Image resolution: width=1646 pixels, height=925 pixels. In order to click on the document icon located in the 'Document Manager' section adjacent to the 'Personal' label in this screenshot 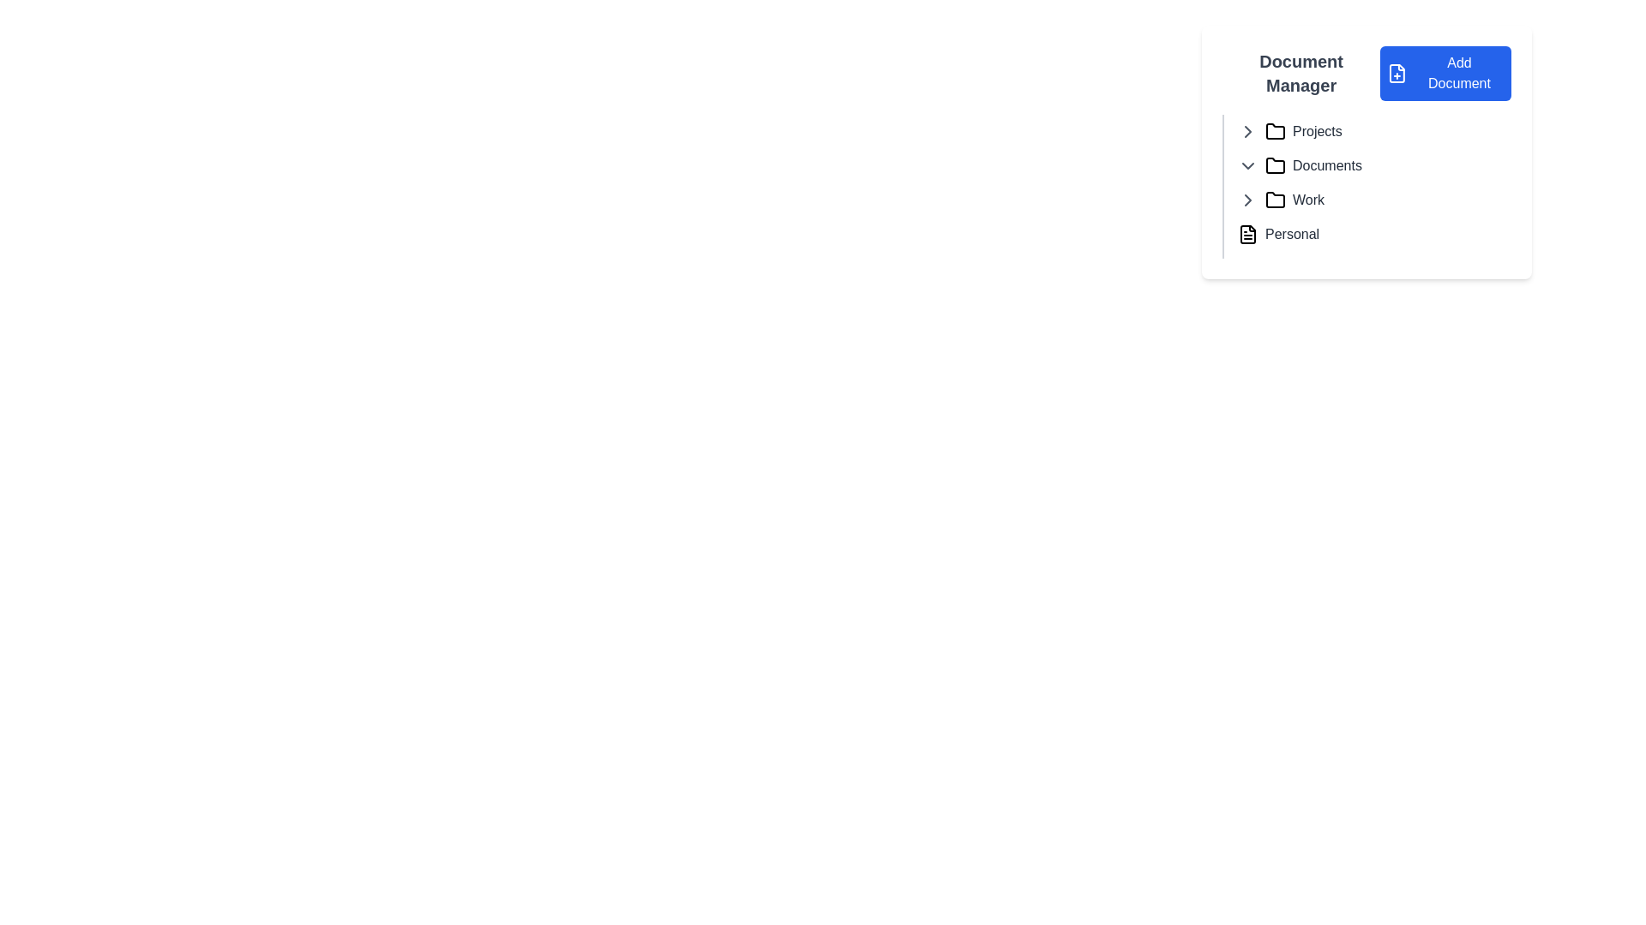, I will do `click(1247, 234)`.